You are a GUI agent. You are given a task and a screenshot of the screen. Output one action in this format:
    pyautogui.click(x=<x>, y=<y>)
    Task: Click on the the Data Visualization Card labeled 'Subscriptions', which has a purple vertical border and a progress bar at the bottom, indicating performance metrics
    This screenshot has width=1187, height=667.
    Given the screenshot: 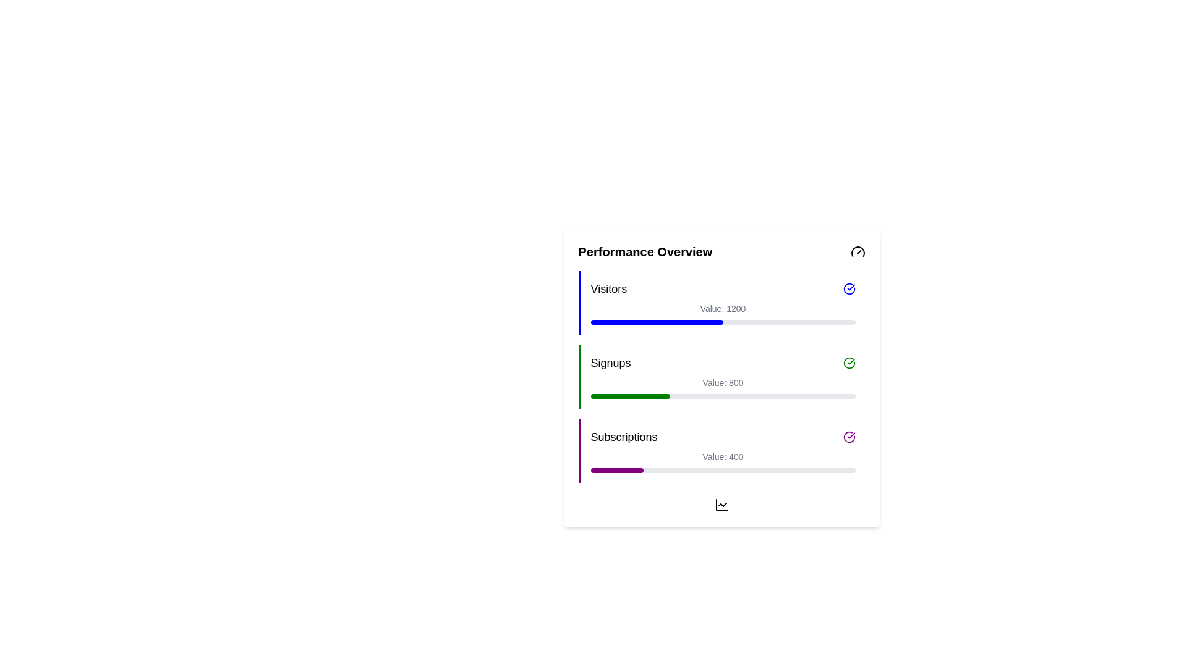 What is the action you would take?
    pyautogui.click(x=721, y=450)
    